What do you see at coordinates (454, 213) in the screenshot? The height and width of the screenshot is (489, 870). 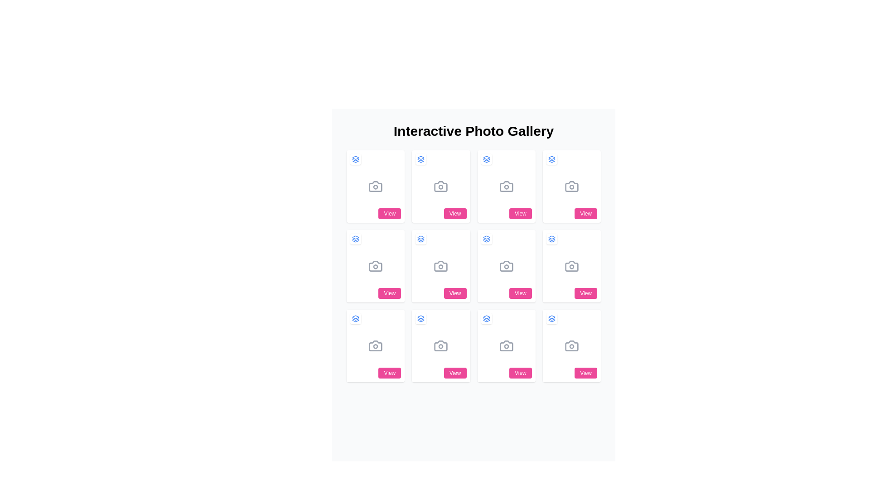 I see `the bright pink 'View' button located at the bottom-right corner of the third card in the first row of the grid layout to initiate the associated action` at bounding box center [454, 213].